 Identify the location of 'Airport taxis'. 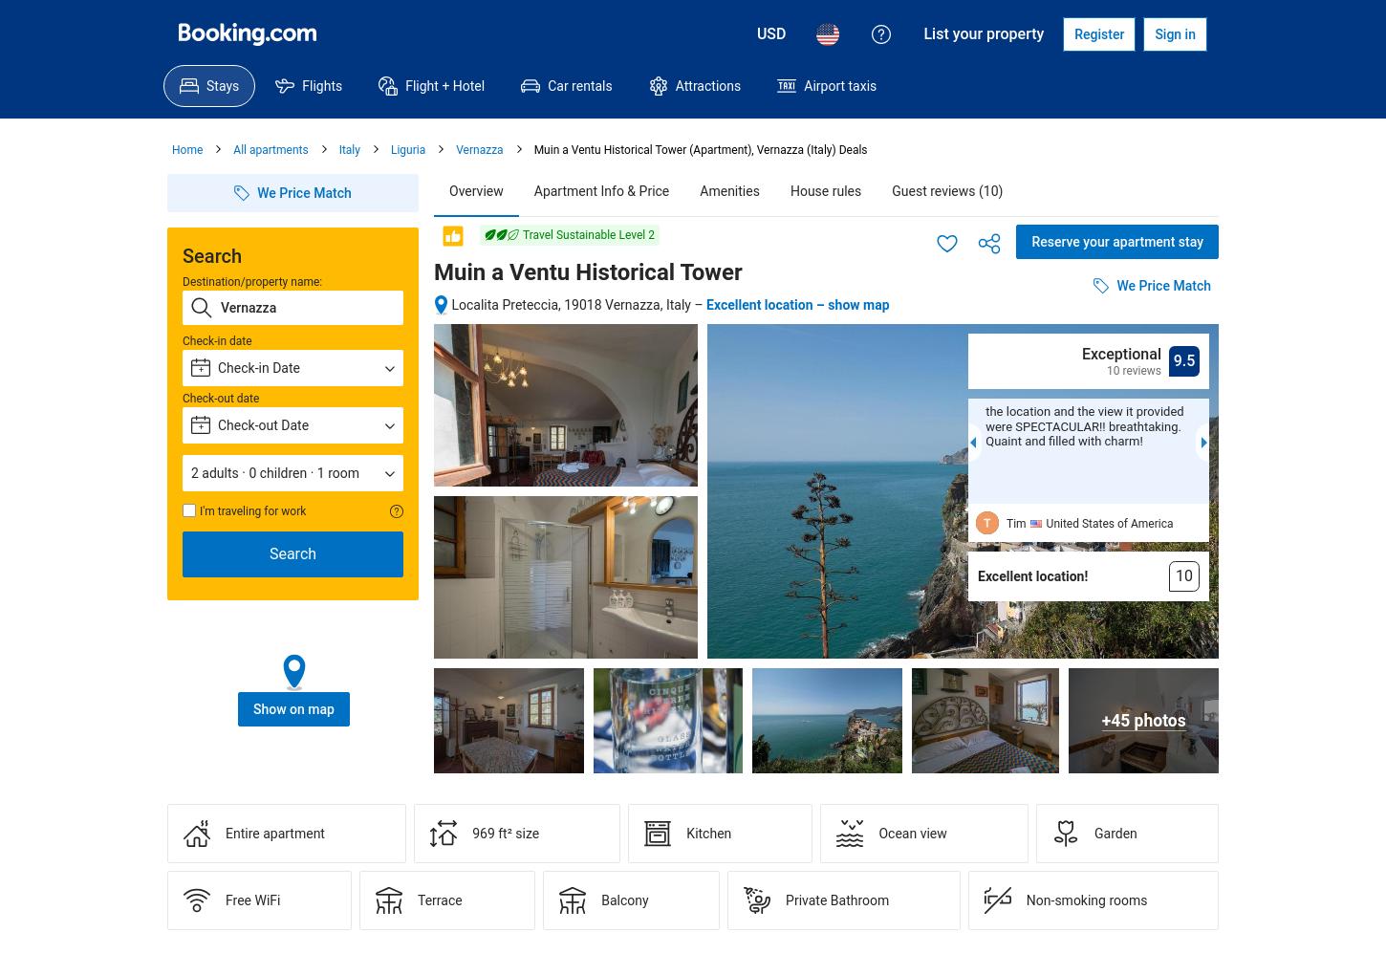
(838, 85).